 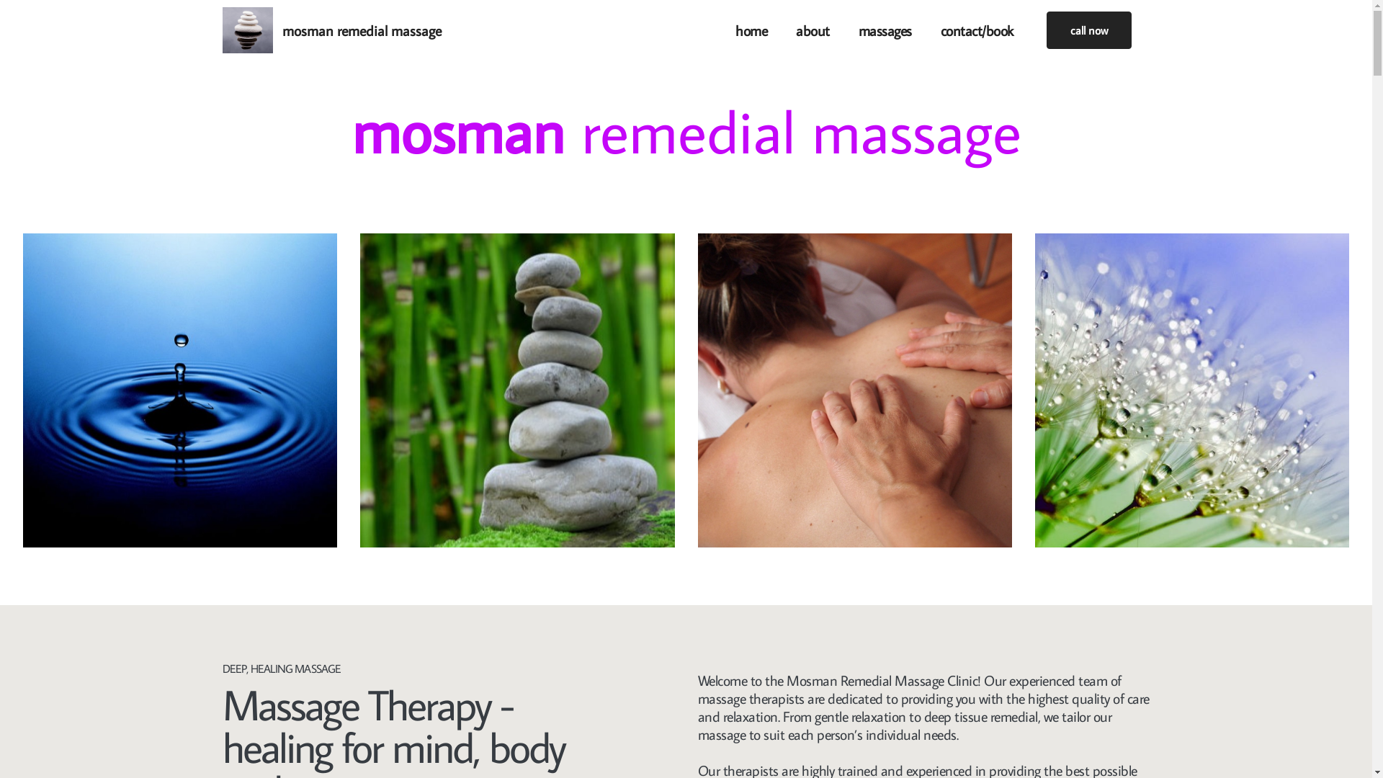 What do you see at coordinates (977, 30) in the screenshot?
I see `'contact/book'` at bounding box center [977, 30].